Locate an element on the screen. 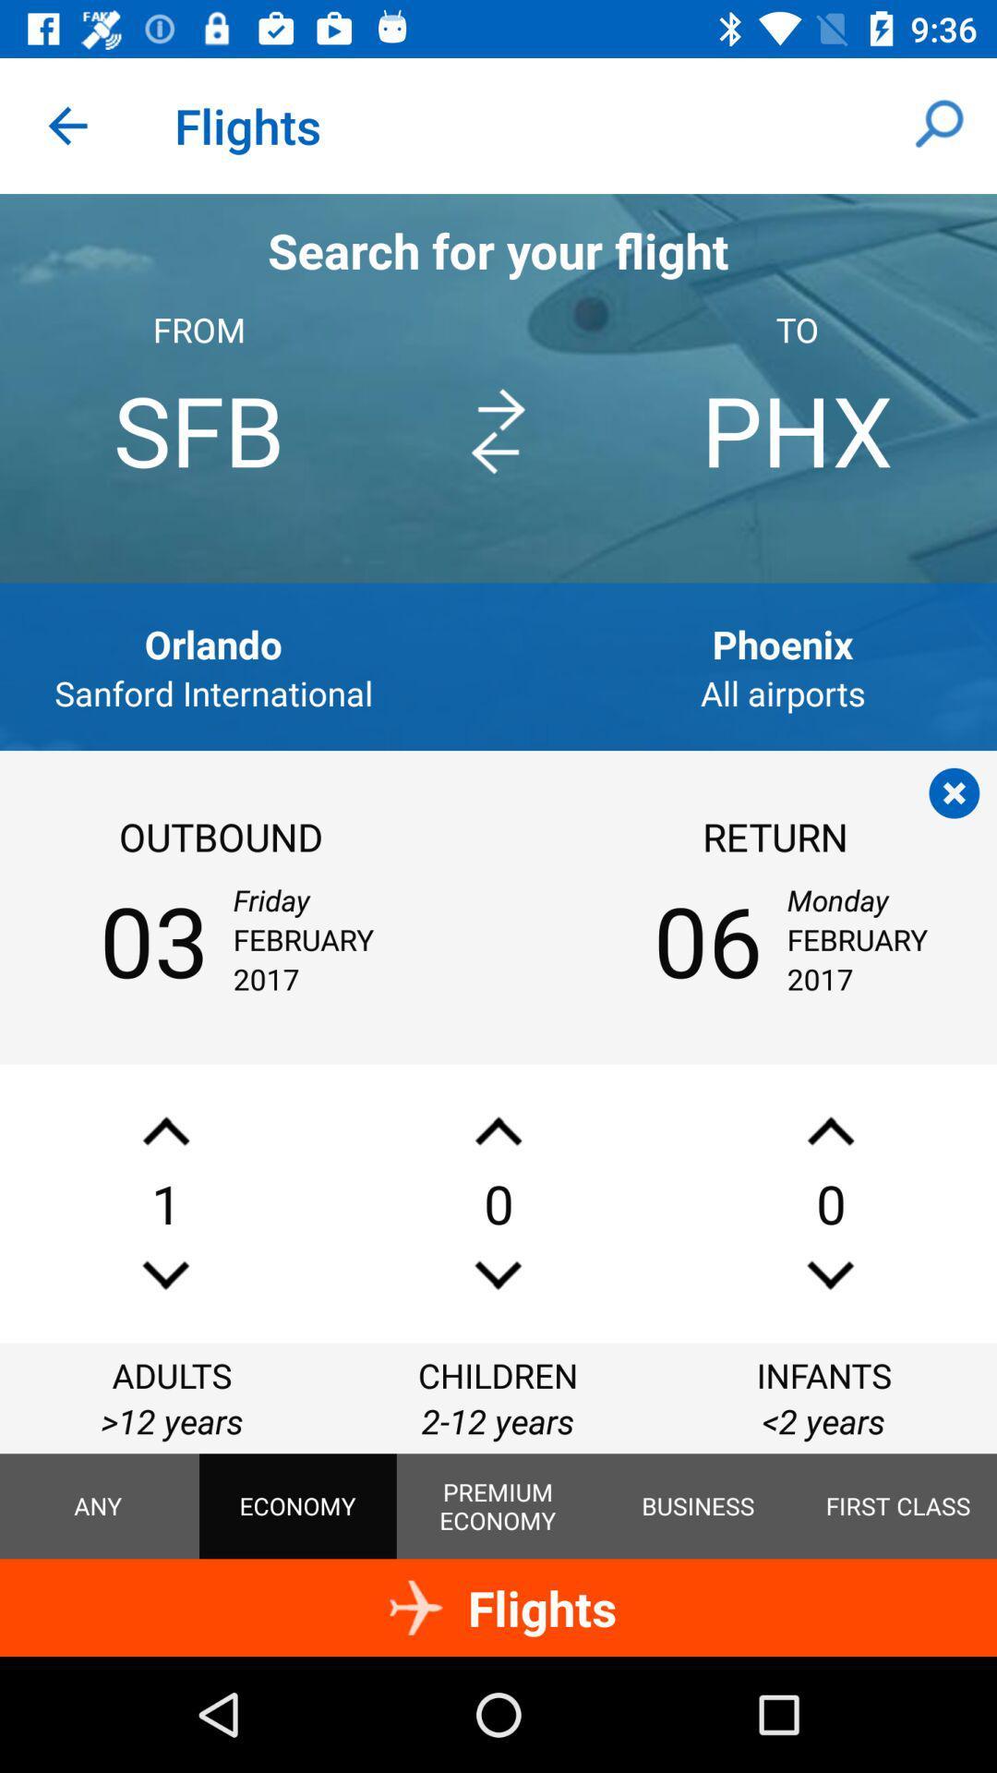  the close icon is located at coordinates (954, 793).